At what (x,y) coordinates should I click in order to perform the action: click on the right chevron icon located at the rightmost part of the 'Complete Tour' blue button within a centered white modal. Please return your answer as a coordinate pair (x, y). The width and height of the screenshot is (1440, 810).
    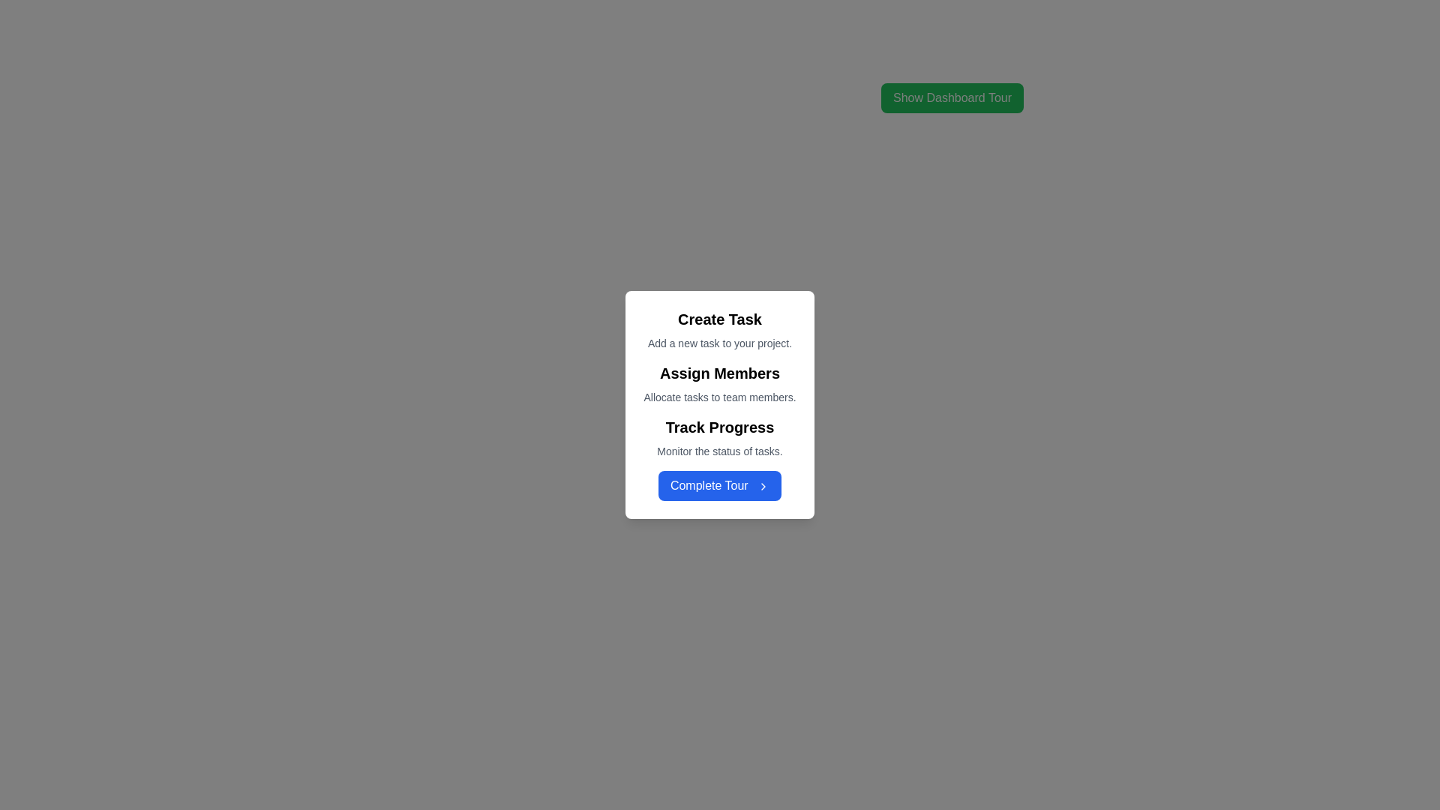
    Looking at the image, I should click on (763, 486).